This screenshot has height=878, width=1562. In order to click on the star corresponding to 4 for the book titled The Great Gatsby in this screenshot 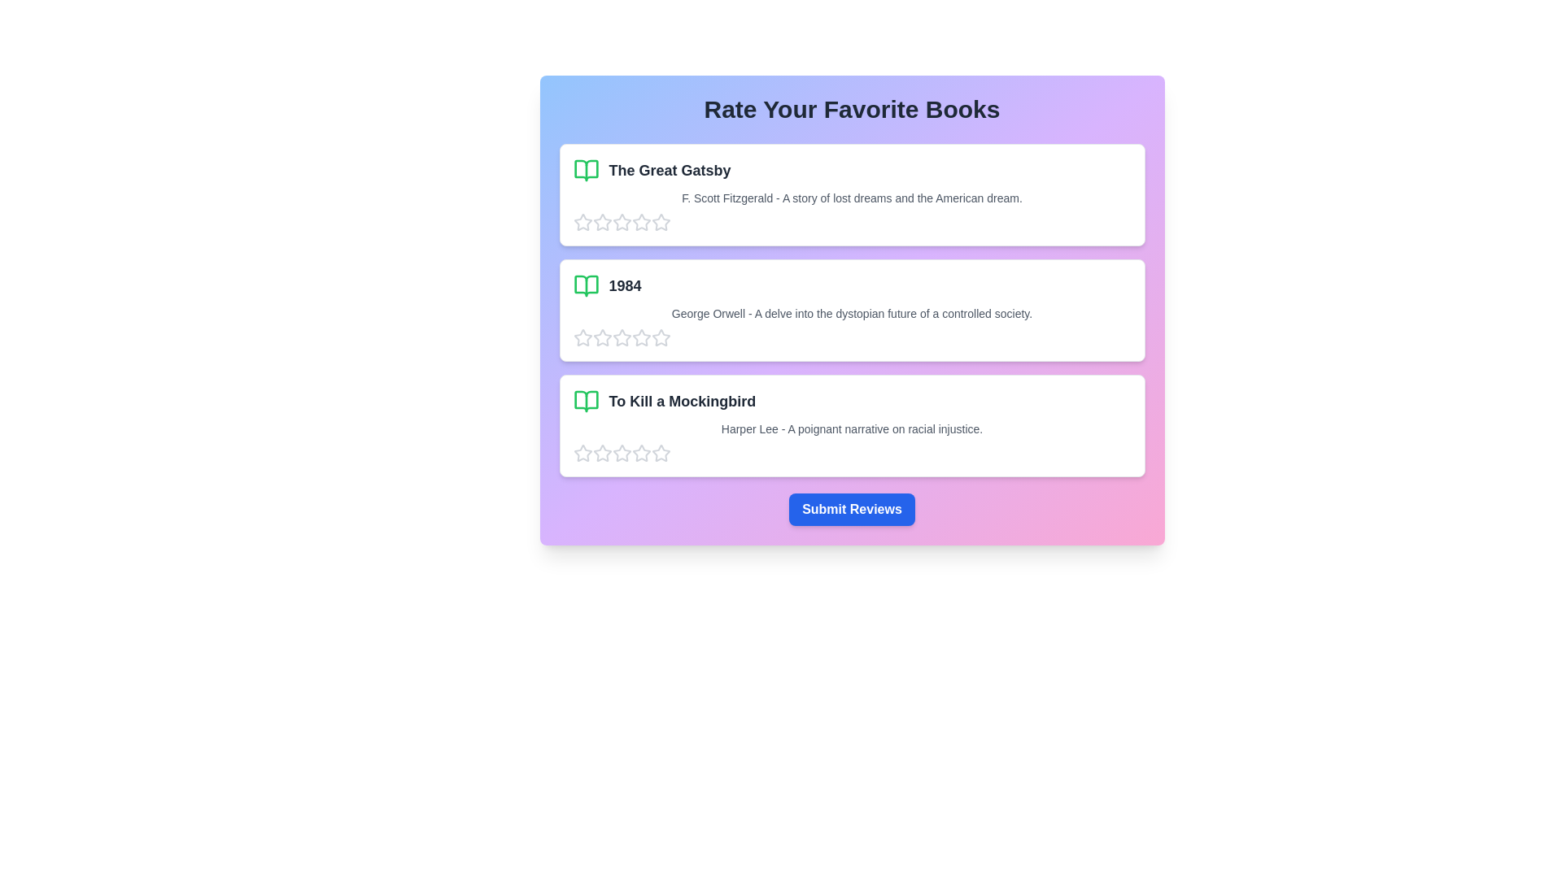, I will do `click(640, 222)`.